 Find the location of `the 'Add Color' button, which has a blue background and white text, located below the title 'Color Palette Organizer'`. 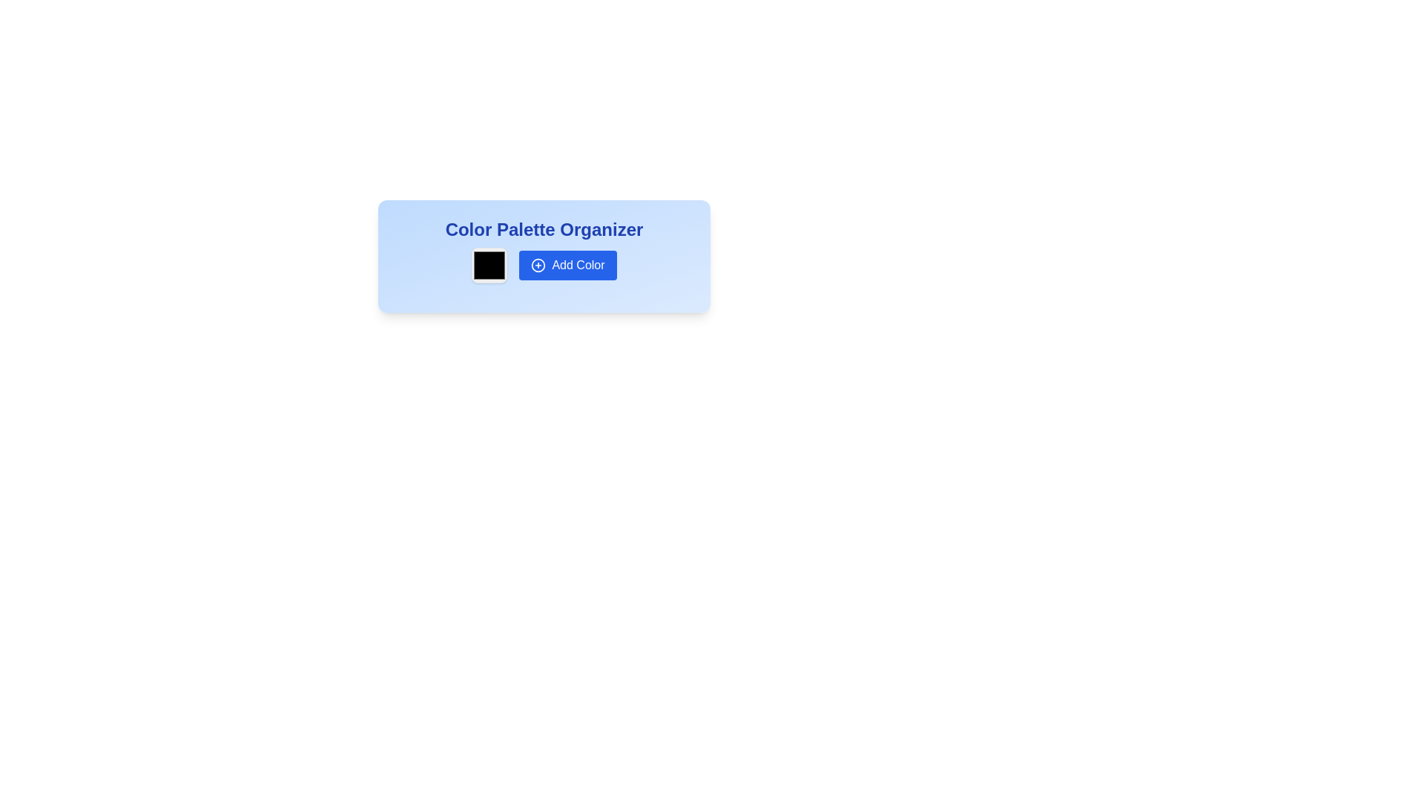

the 'Add Color' button, which has a blue background and white text, located below the title 'Color Palette Organizer' is located at coordinates (544, 256).